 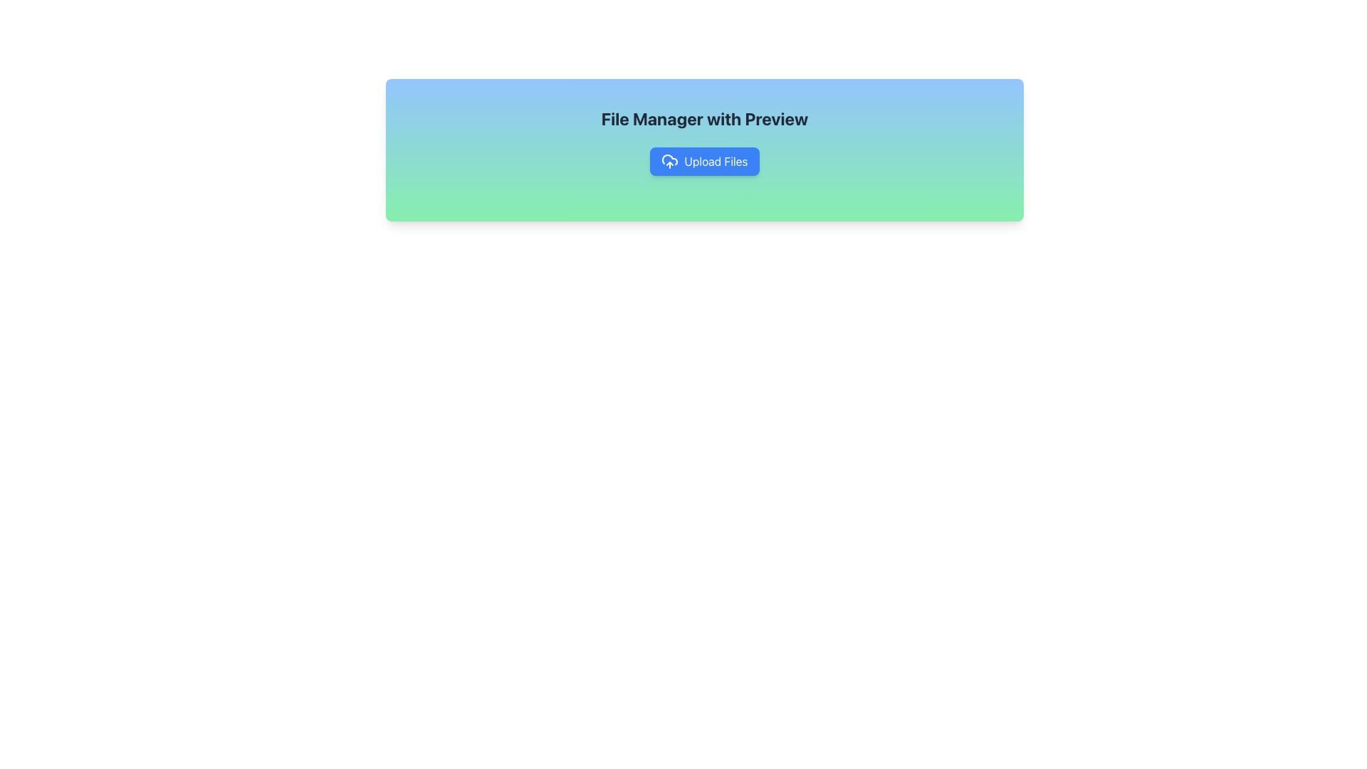 What do you see at coordinates (704, 117) in the screenshot?
I see `the main header text of the file manager interface, which serves as the title summarizing the purpose of the application` at bounding box center [704, 117].